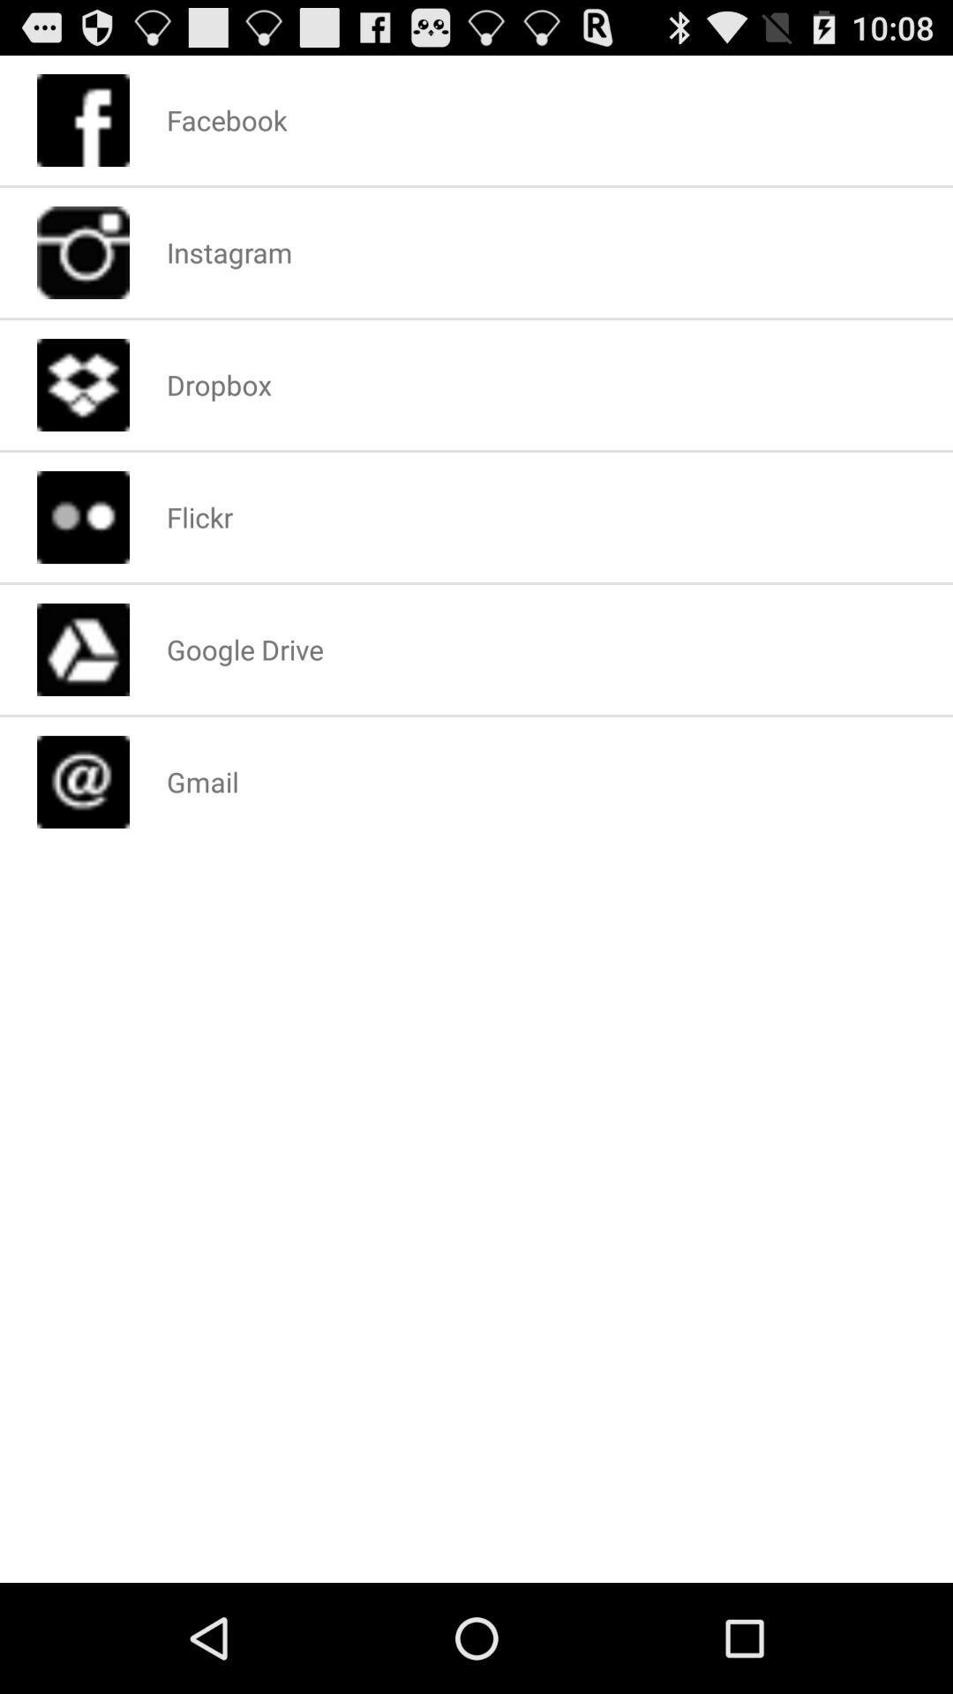 The width and height of the screenshot is (953, 1694). Describe the element at coordinates (199, 516) in the screenshot. I see `flickr icon` at that location.